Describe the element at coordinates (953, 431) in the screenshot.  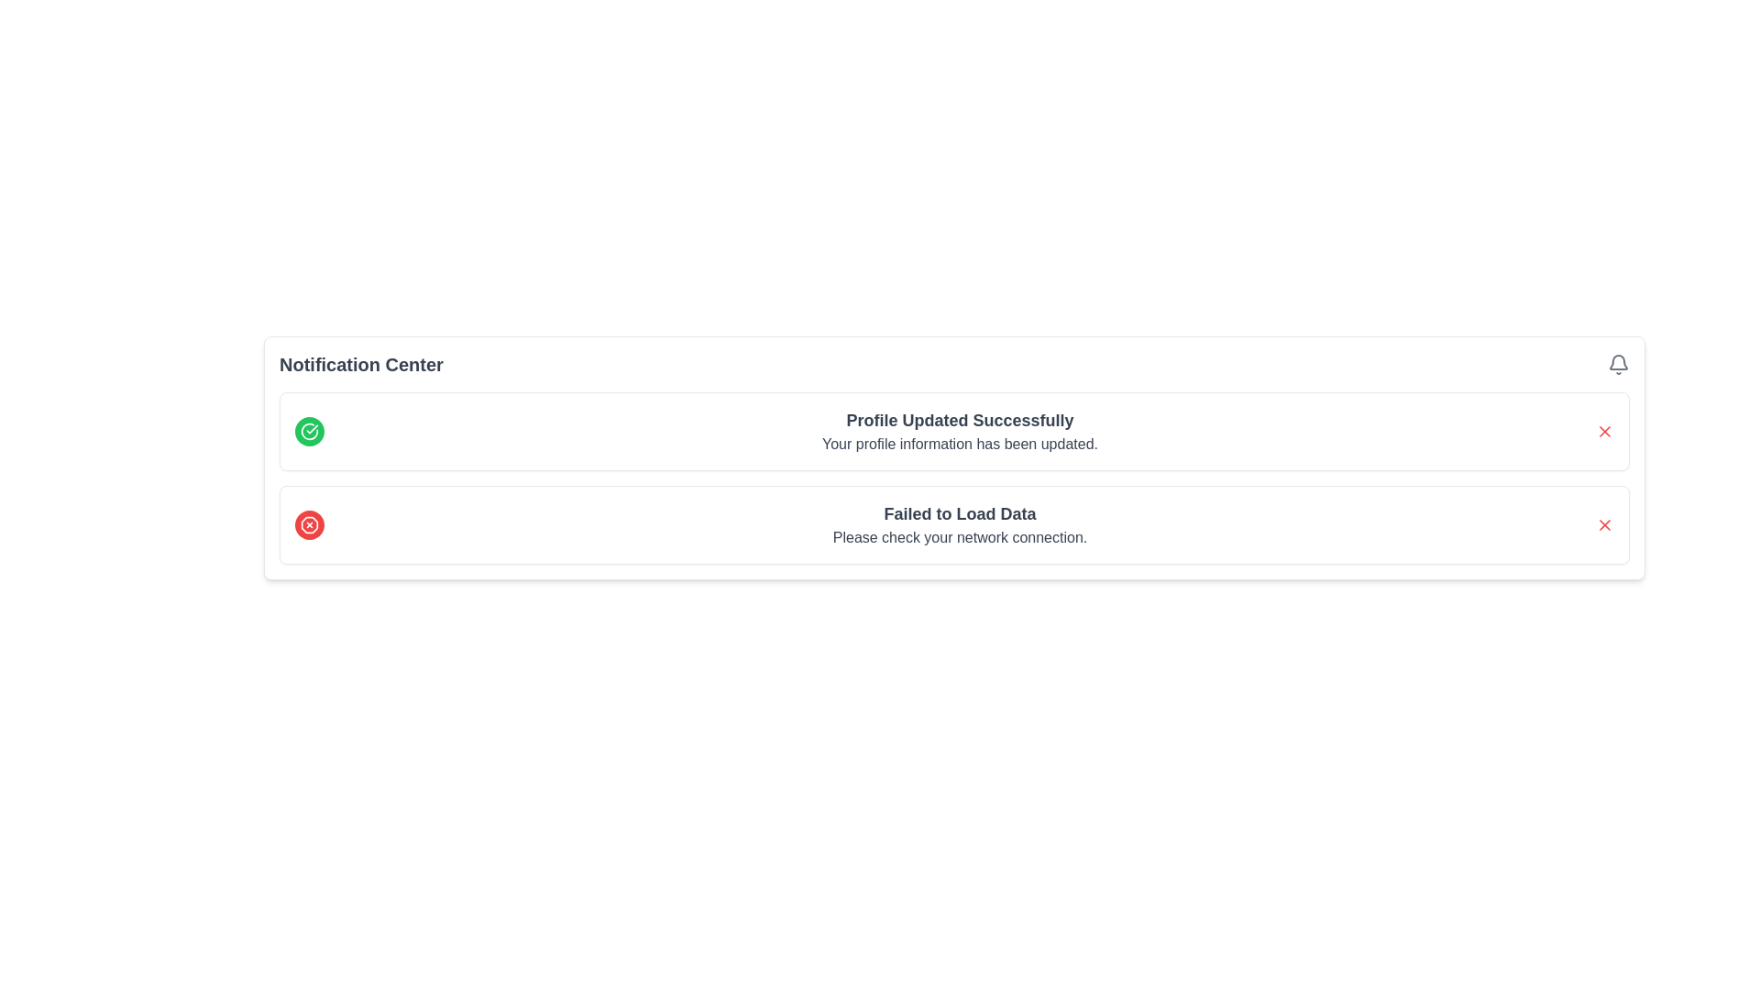
I see `notification displayed in the first notification card that informs the user of a successful profile update, located above the 'Failed to Load Data' entry` at that location.